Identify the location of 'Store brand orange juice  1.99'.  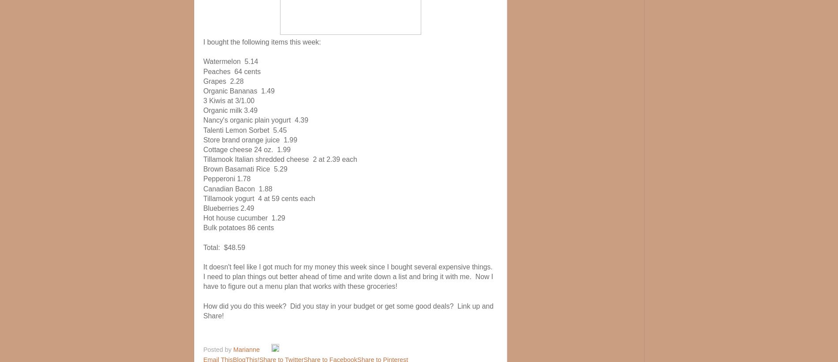
(250, 139).